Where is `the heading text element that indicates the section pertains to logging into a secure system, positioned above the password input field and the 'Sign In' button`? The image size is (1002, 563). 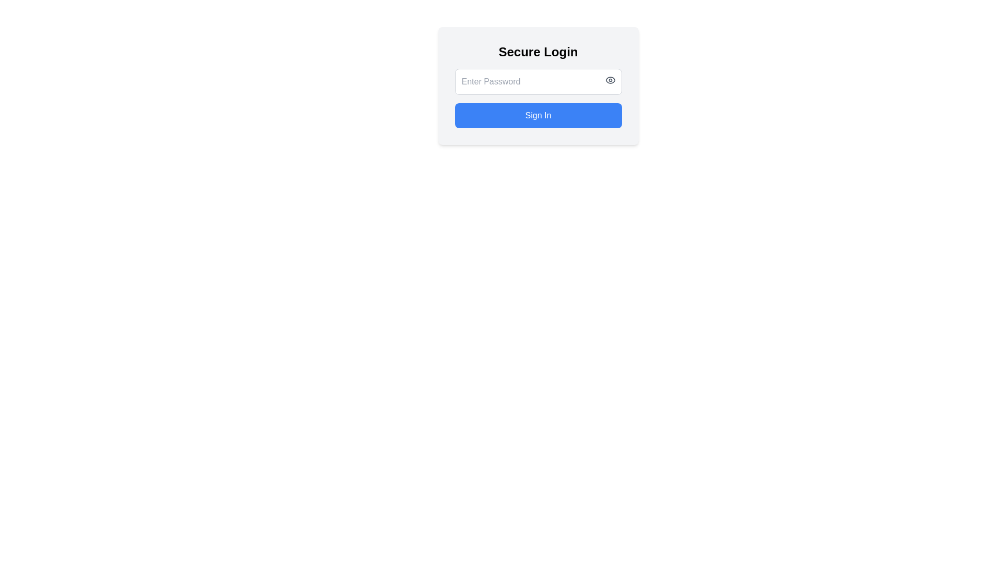
the heading text element that indicates the section pertains to logging into a secure system, positioned above the password input field and the 'Sign In' button is located at coordinates (538, 52).